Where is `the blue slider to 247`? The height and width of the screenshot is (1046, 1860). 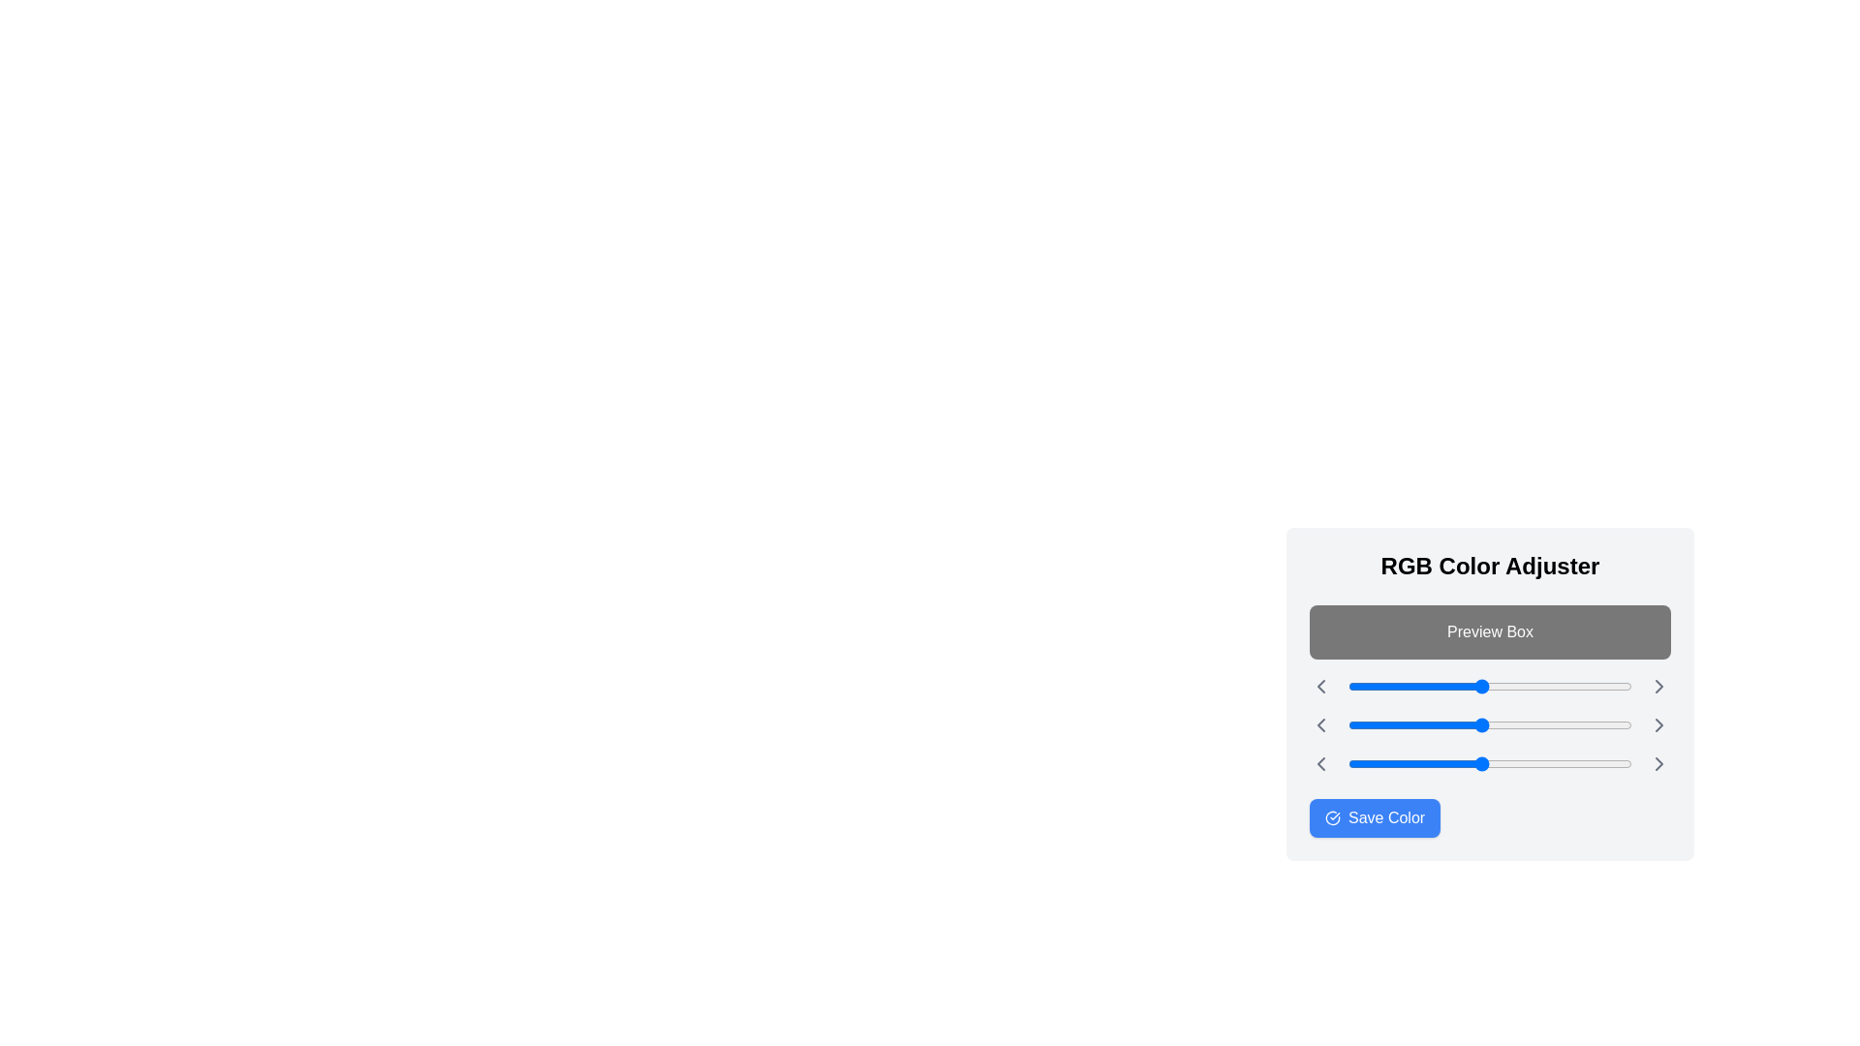 the blue slider to 247 is located at coordinates (1623, 763).